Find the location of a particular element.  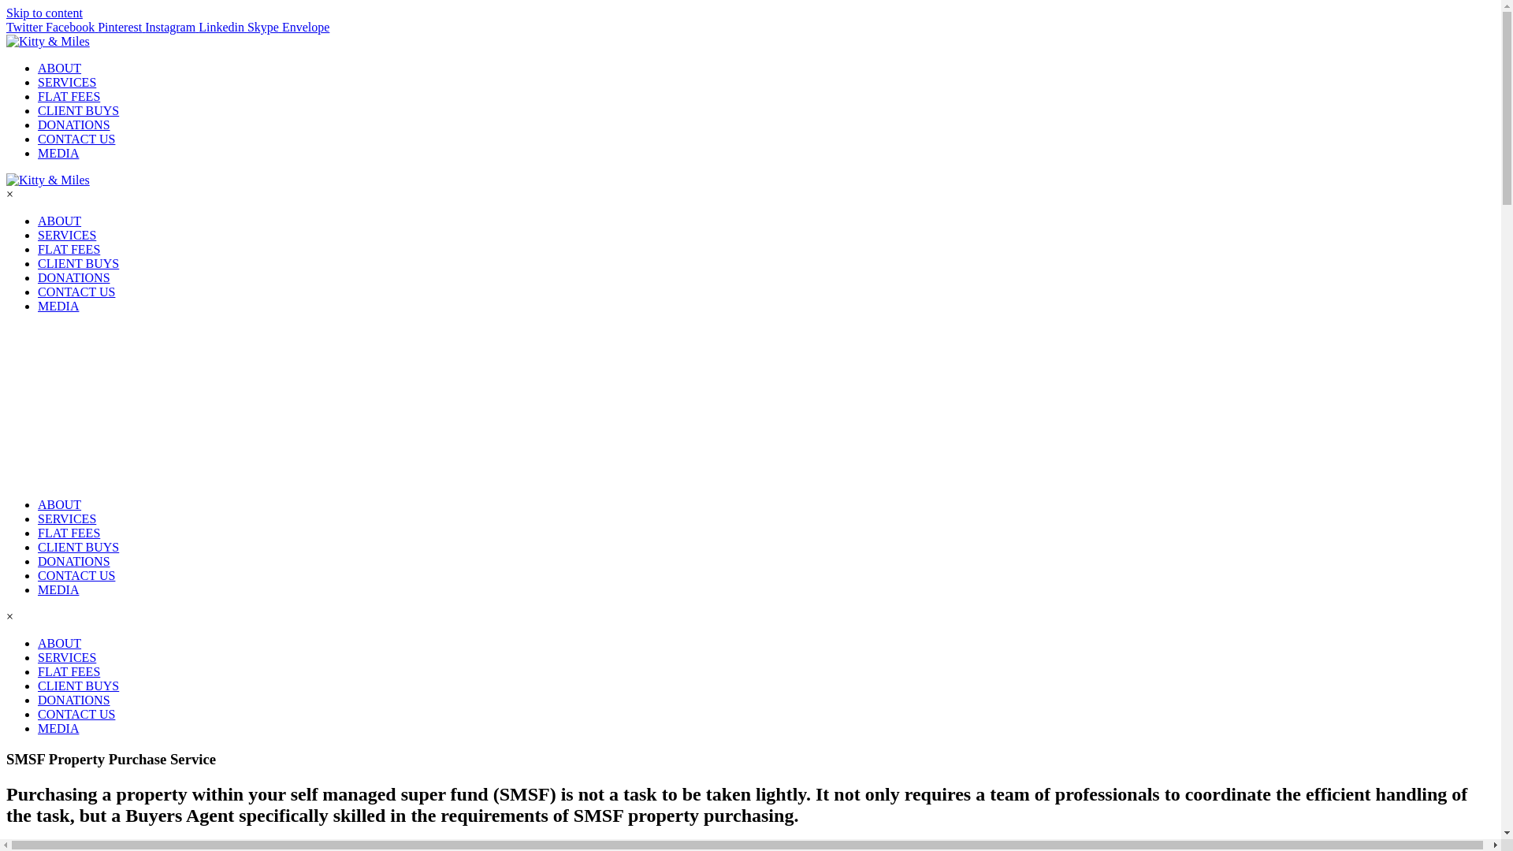

'CONTACT US' is located at coordinates (75, 714).